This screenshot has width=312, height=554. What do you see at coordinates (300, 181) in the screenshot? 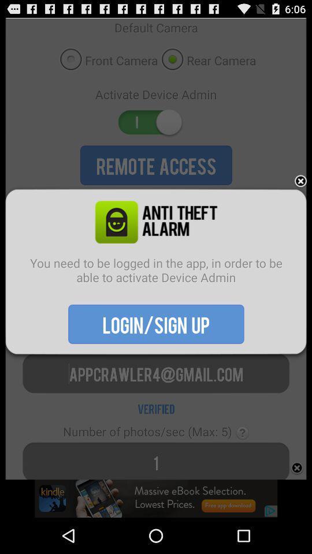
I see `the icon at the top right corner` at bounding box center [300, 181].